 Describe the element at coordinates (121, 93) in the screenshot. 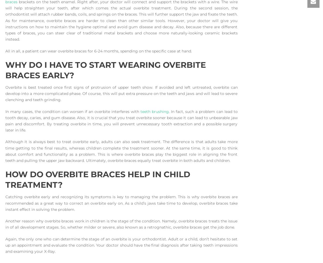

I see `'Overbite is best treated once first signs of protrusion of upper teeth show. If avoided and left untreated, overbite can develop into a more complicated phase. Of course, this will put extra pressure on the teeth and jaws and will lead to severe clenching and teeth grinding.'` at that location.